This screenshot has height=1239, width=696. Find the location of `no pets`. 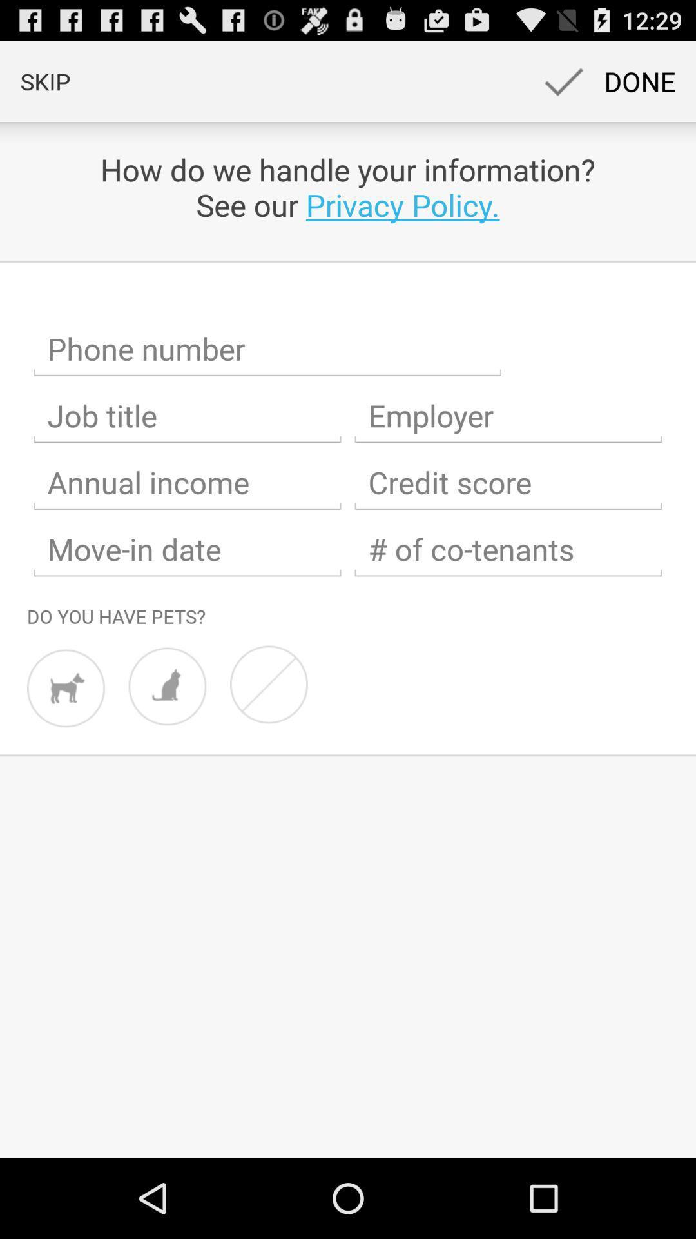

no pets is located at coordinates (268, 683).